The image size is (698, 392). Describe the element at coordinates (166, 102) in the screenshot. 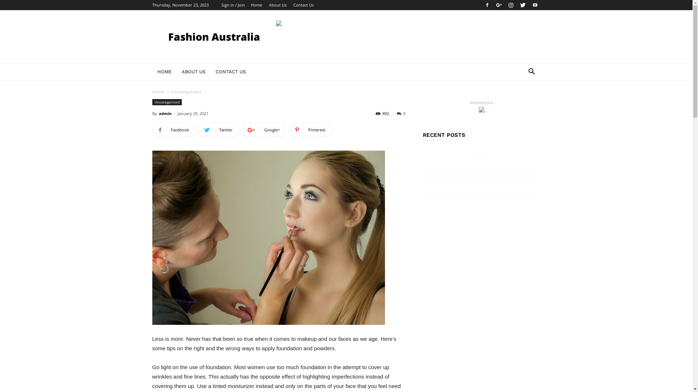

I see `'Uncategorized'` at that location.